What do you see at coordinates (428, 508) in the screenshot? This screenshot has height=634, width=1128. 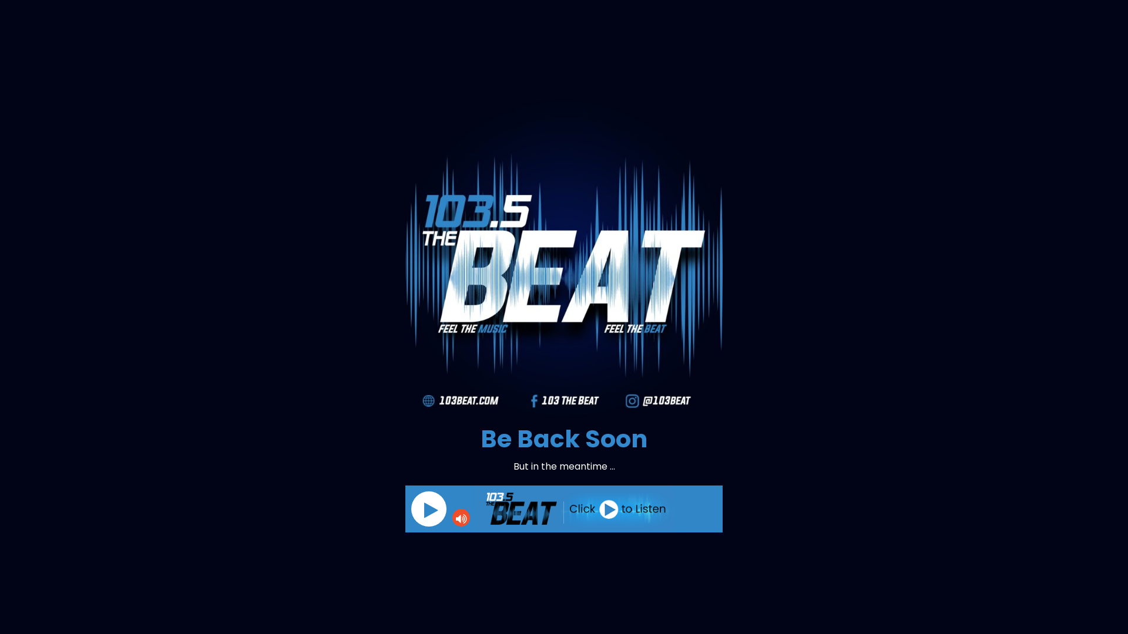 I see `'Play'` at bounding box center [428, 508].